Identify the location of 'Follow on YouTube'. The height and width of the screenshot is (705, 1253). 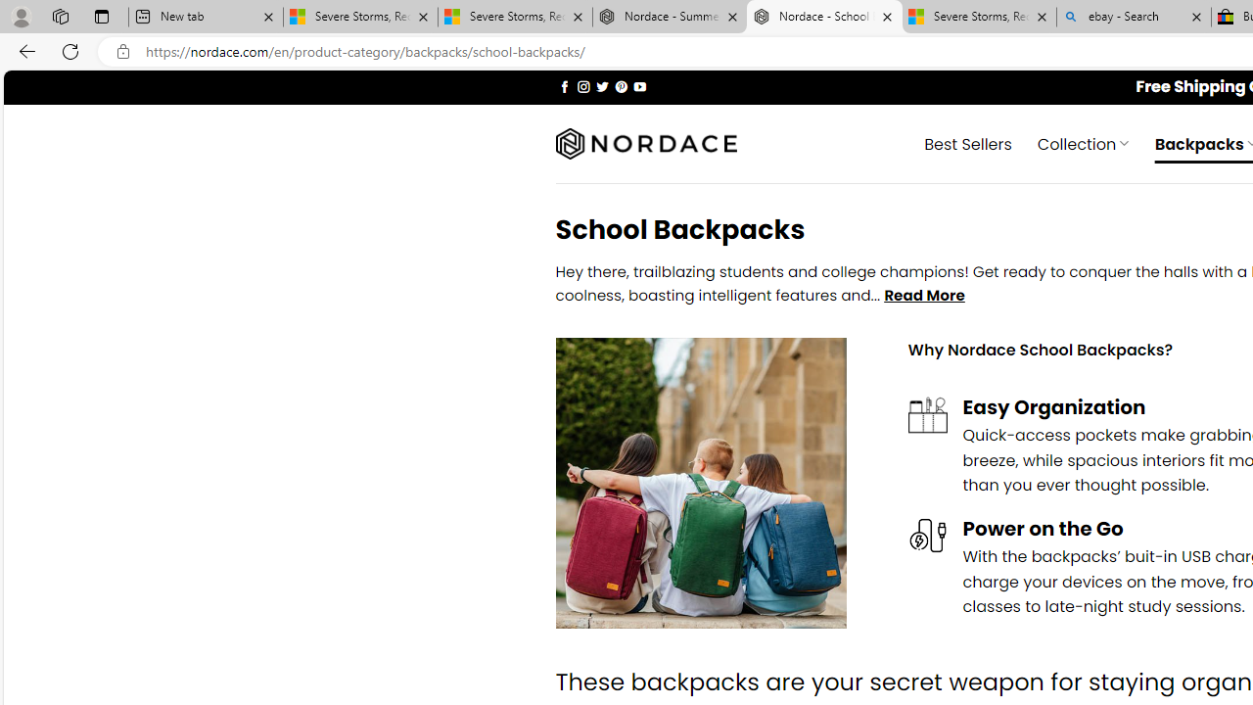
(639, 85).